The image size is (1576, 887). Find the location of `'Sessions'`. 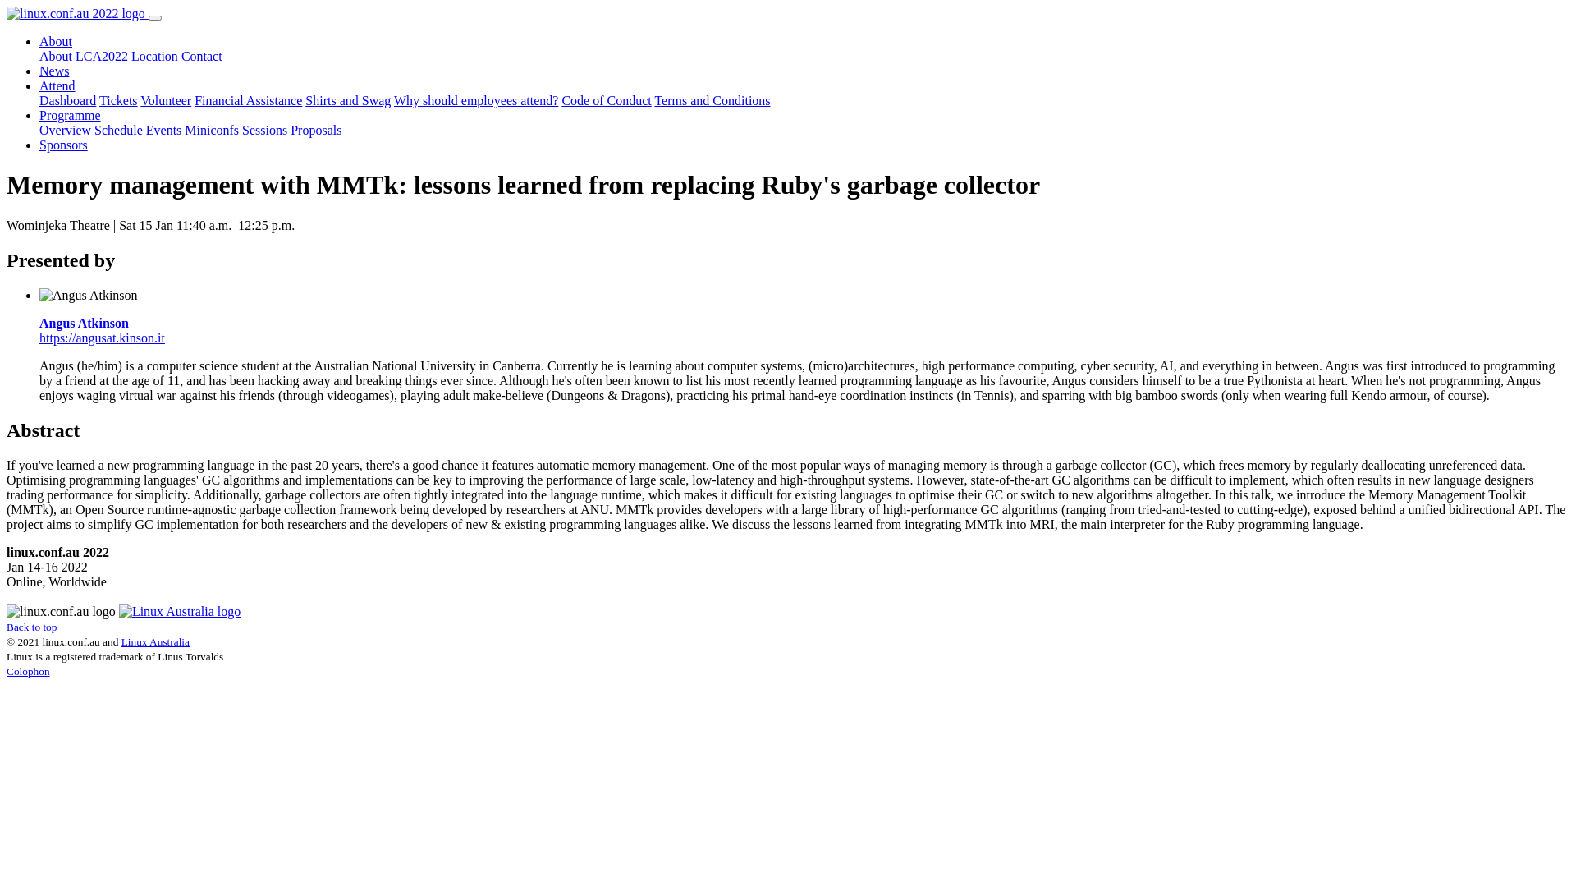

'Sessions' is located at coordinates (264, 129).